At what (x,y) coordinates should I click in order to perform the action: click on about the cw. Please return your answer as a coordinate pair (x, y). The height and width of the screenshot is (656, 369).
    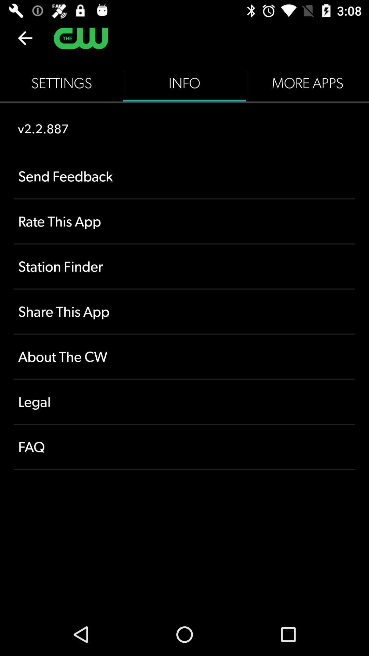
    Looking at the image, I should click on (184, 356).